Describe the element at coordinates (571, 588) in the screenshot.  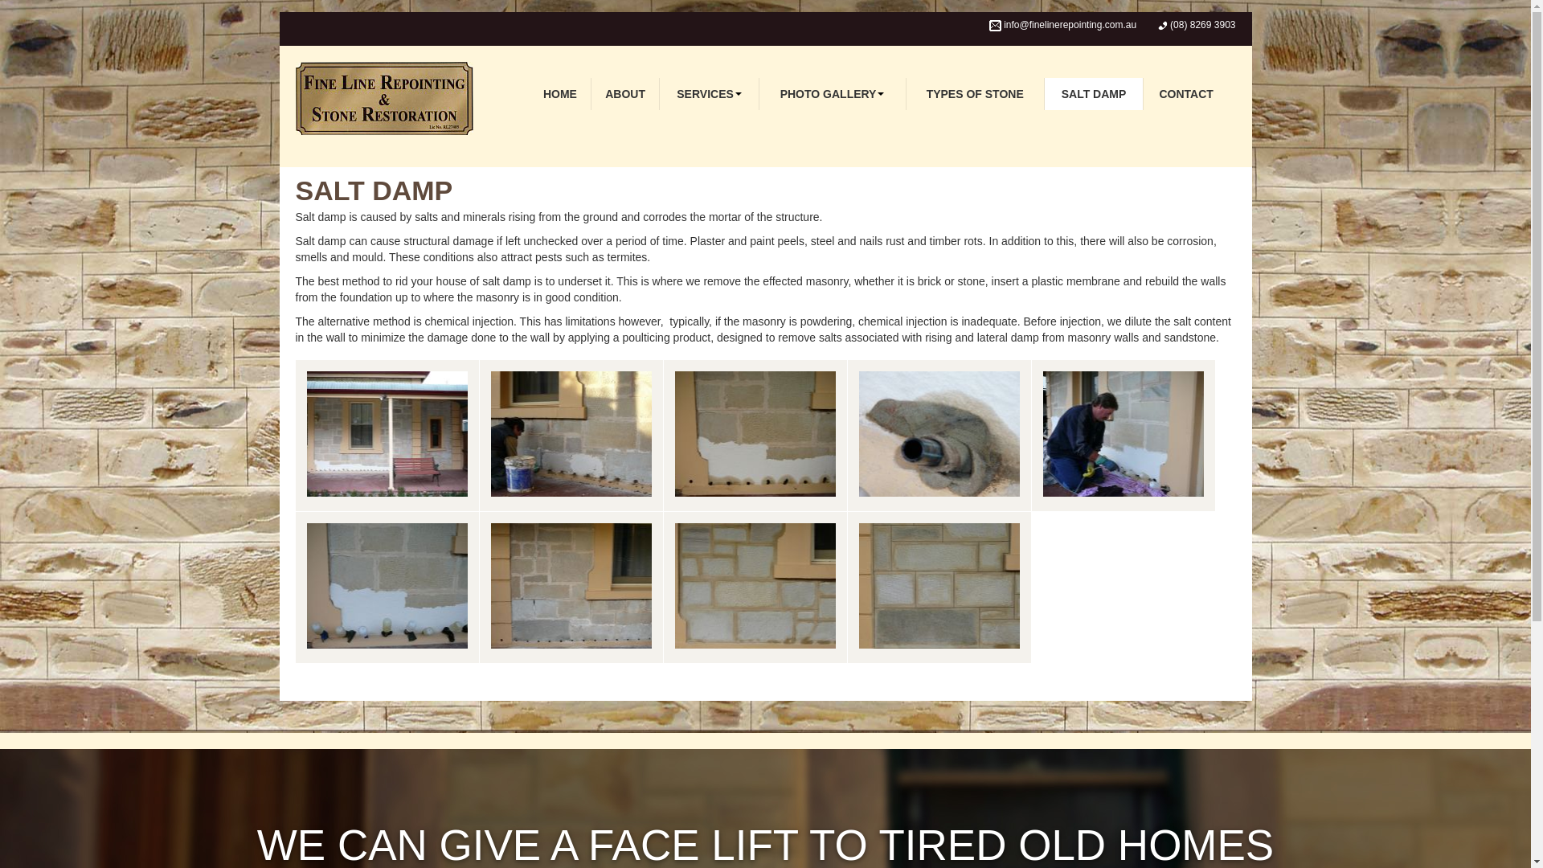
I see `'Click to enlarge image 6.jpg'` at that location.